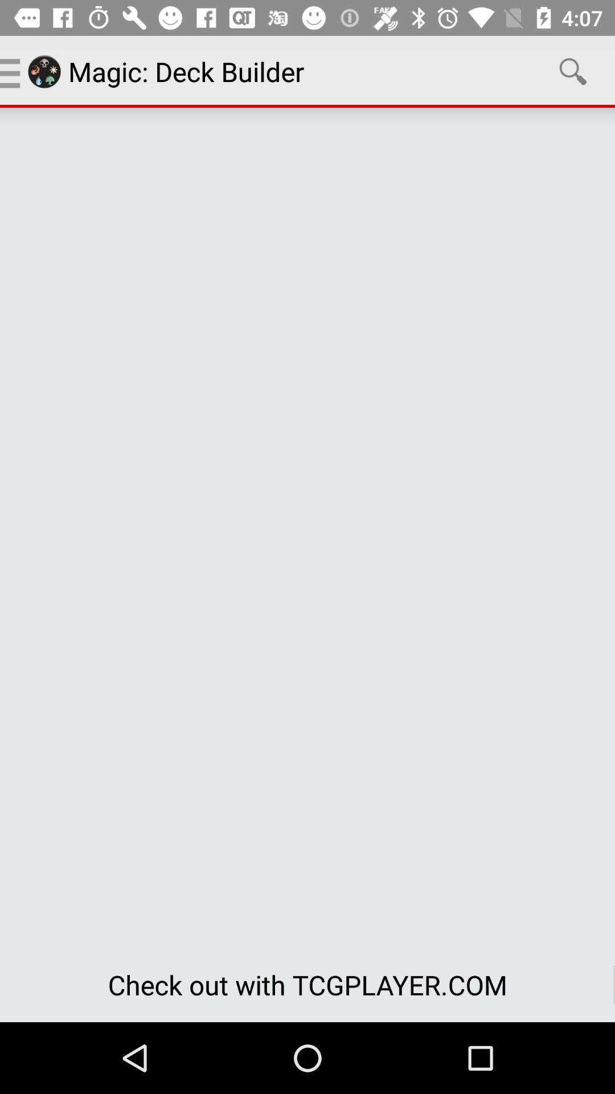  What do you see at coordinates (573, 71) in the screenshot?
I see `item at the top right corner` at bounding box center [573, 71].